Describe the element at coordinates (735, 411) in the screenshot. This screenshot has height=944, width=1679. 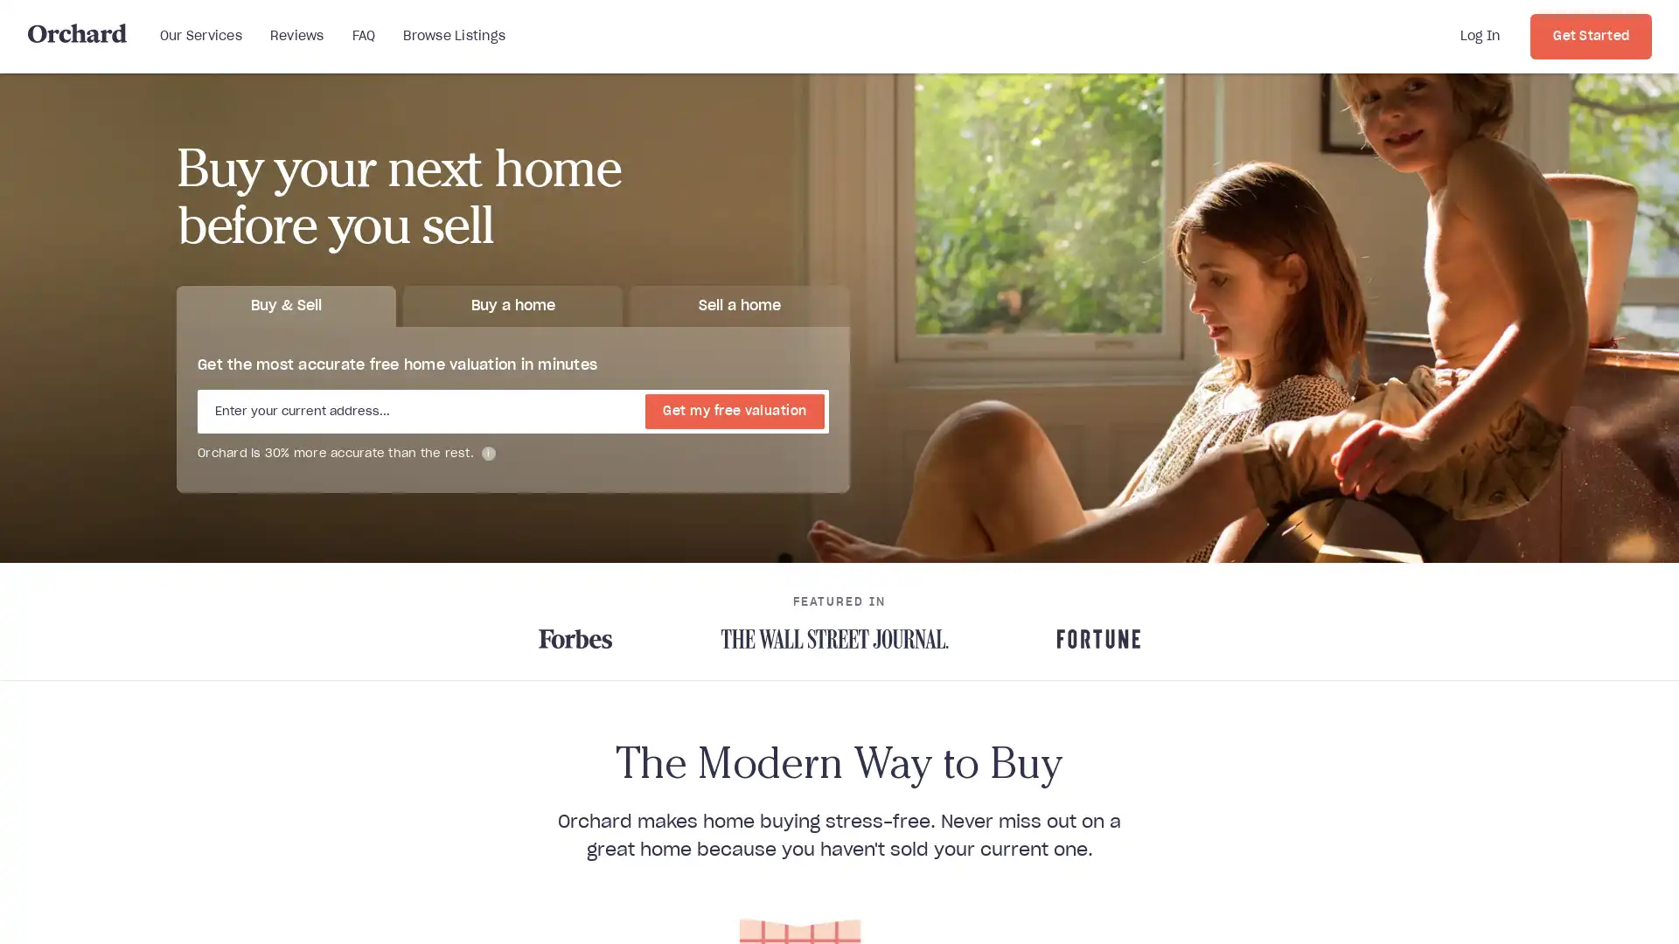
I see `Get my free valuation` at that location.